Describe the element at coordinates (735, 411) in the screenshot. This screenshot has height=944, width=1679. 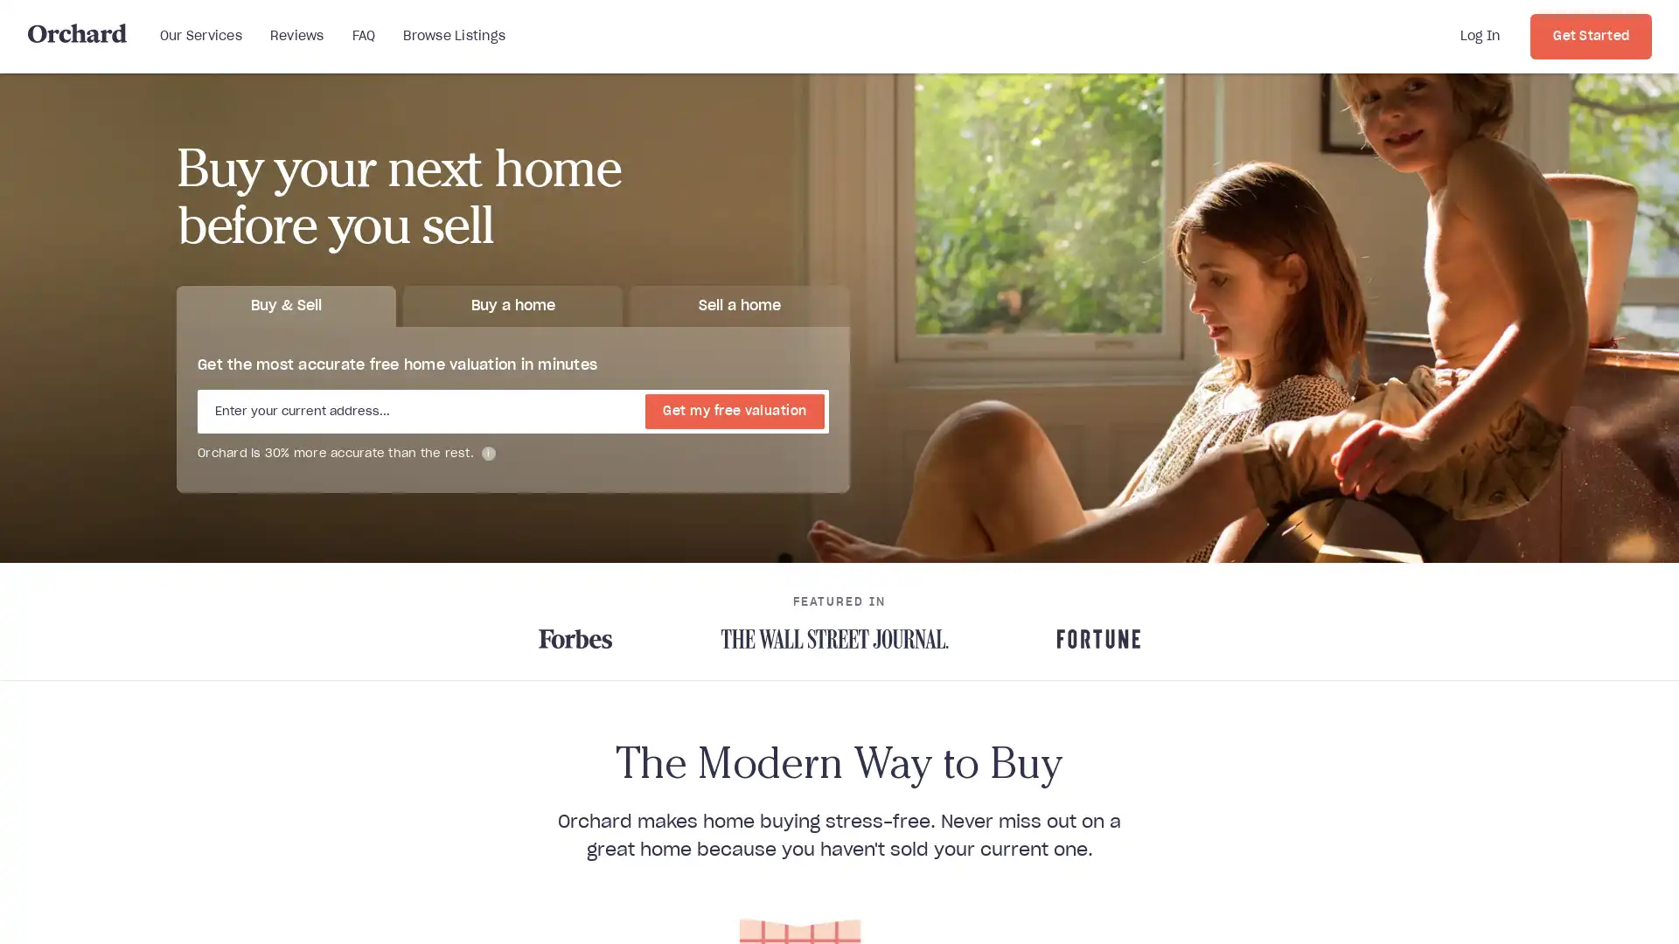
I see `Get my free valuation` at that location.